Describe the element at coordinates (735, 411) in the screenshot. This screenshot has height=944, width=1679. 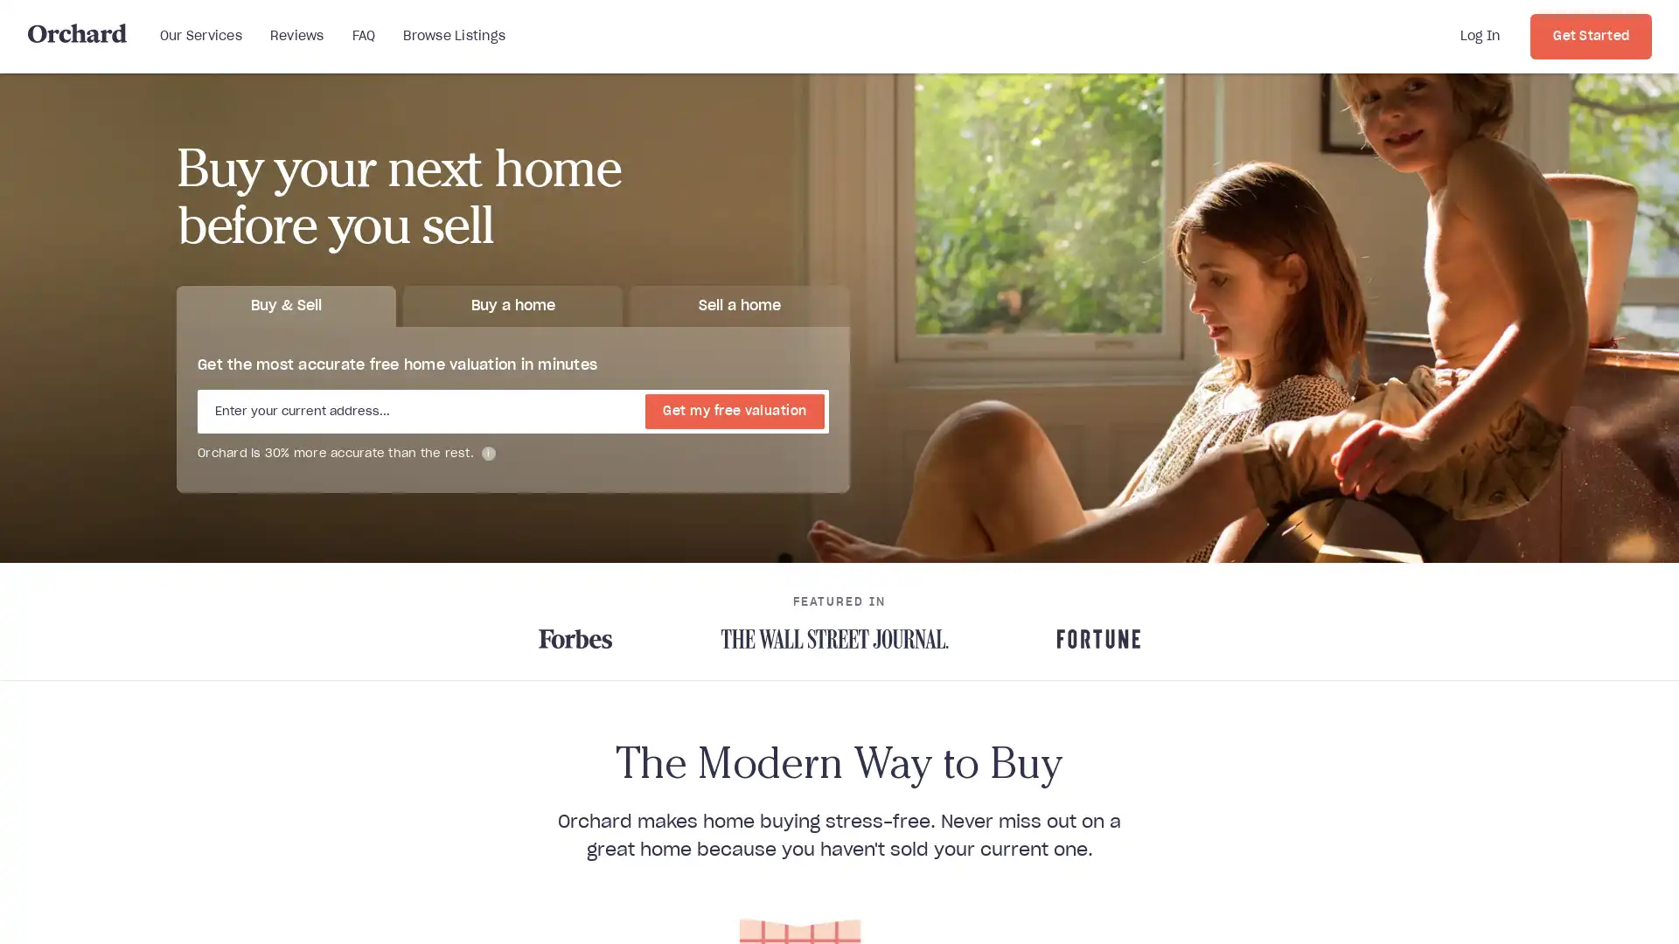
I see `Get my free valuation` at that location.